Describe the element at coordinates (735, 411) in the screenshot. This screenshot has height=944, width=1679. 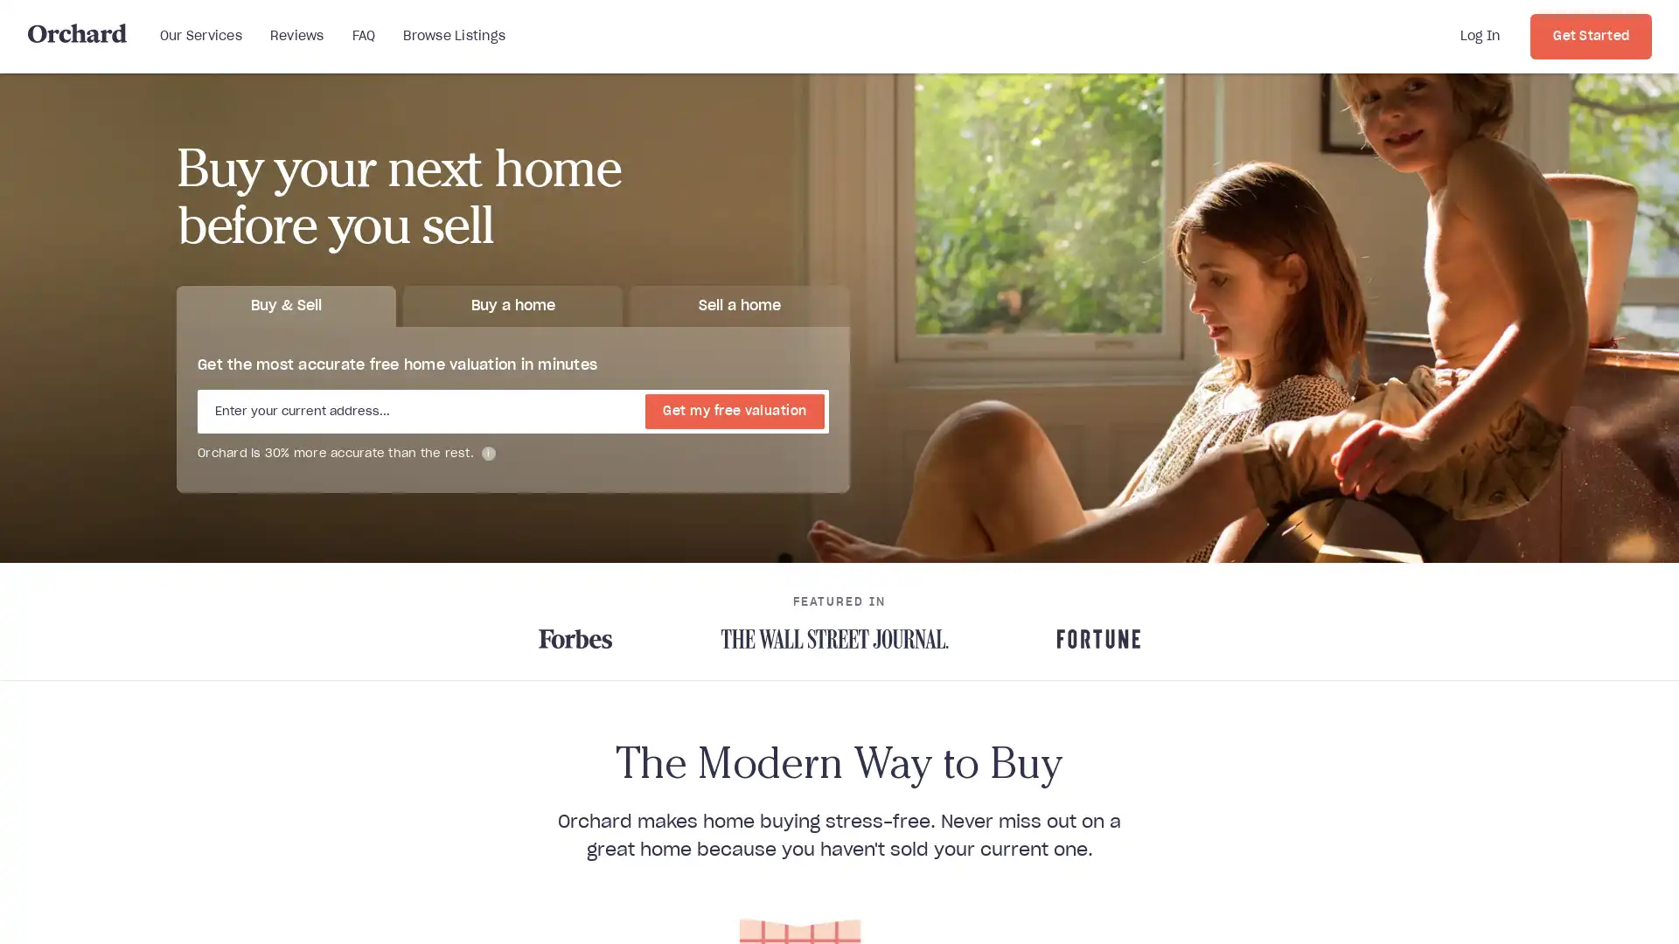
I see `Get my free valuation` at that location.